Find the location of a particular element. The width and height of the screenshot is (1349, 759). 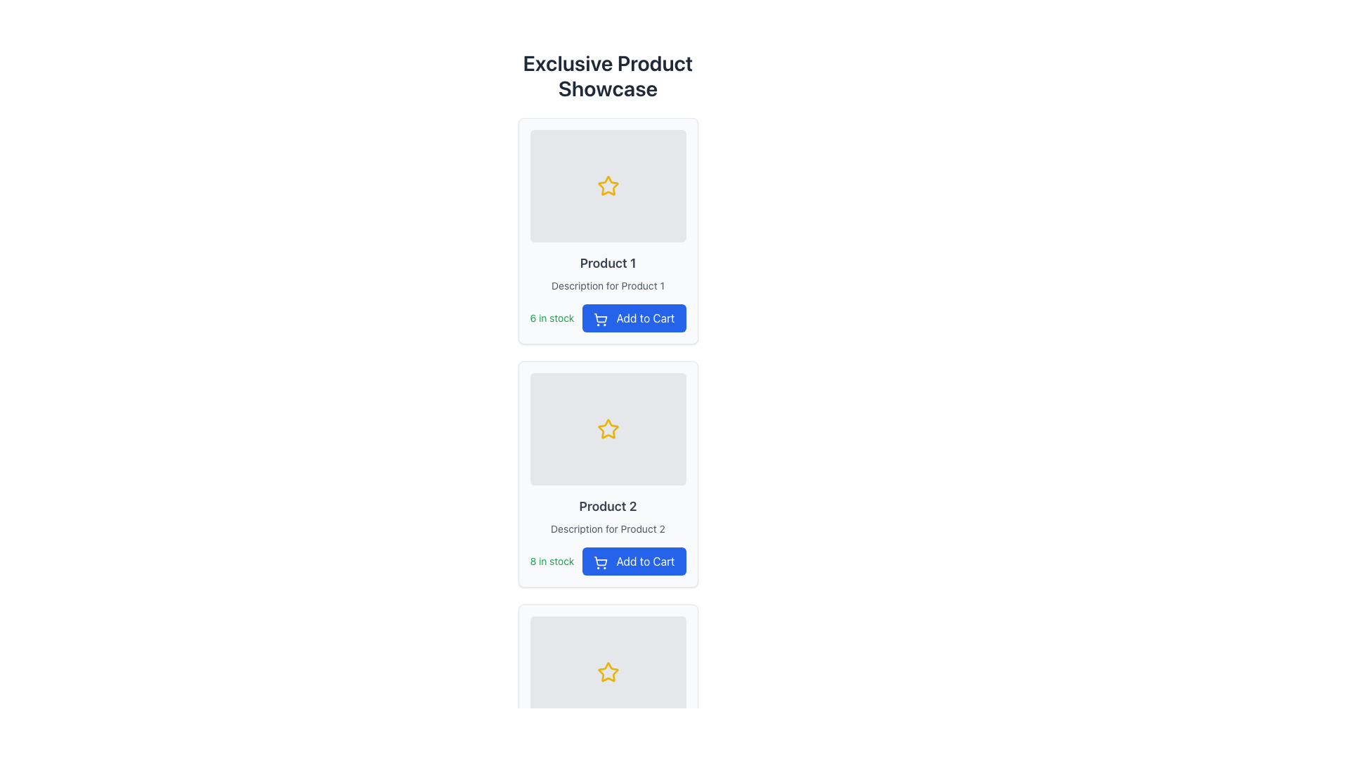

the star icon located in the first product display card, which serves as a visual indicator or rating symbol, positioned inside a gray rectangle near its center is located at coordinates (608, 186).